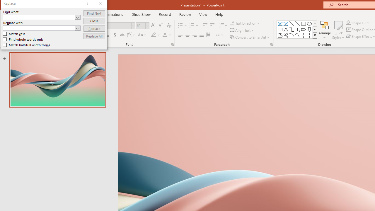  I want to click on 'Find what', so click(41, 17).